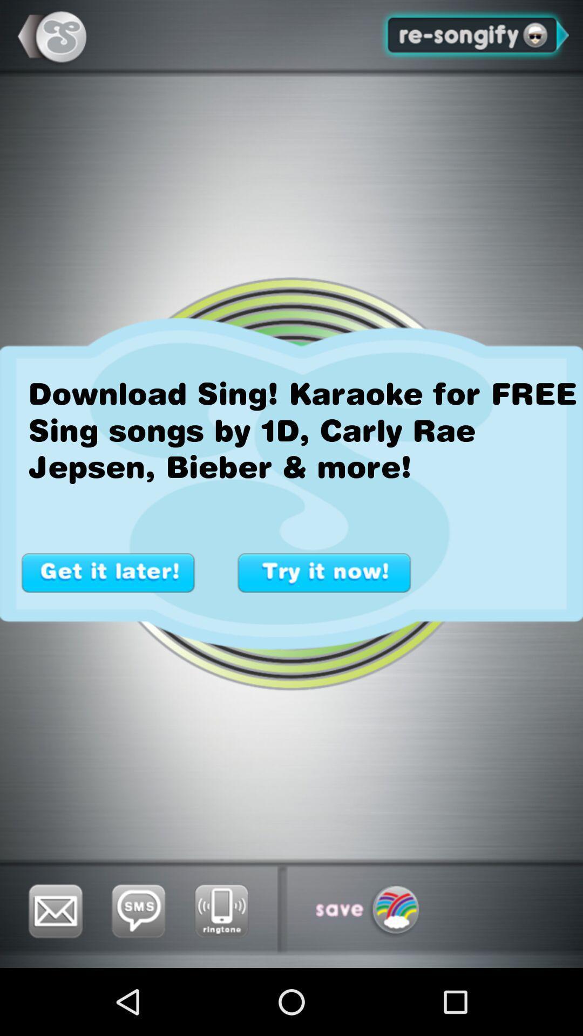 This screenshot has height=1036, width=583. I want to click on switch to get it later button, so click(108, 572).